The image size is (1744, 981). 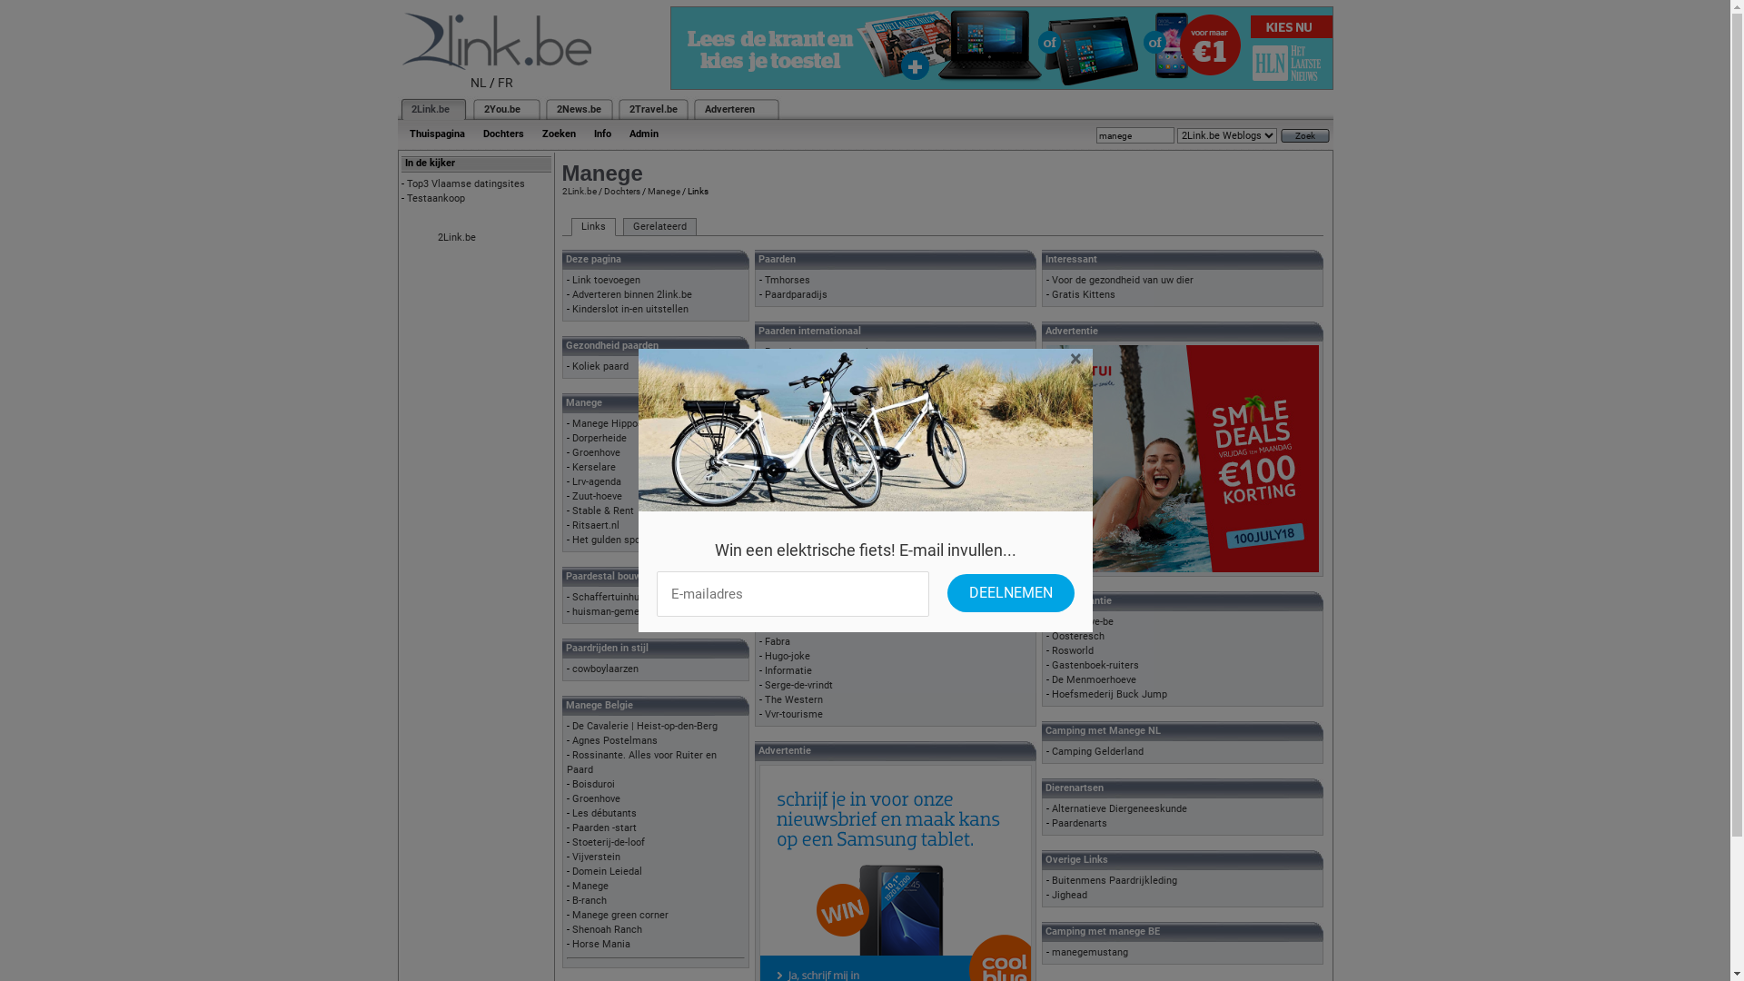 I want to click on 'Hippomakelaar', so click(x=764, y=554).